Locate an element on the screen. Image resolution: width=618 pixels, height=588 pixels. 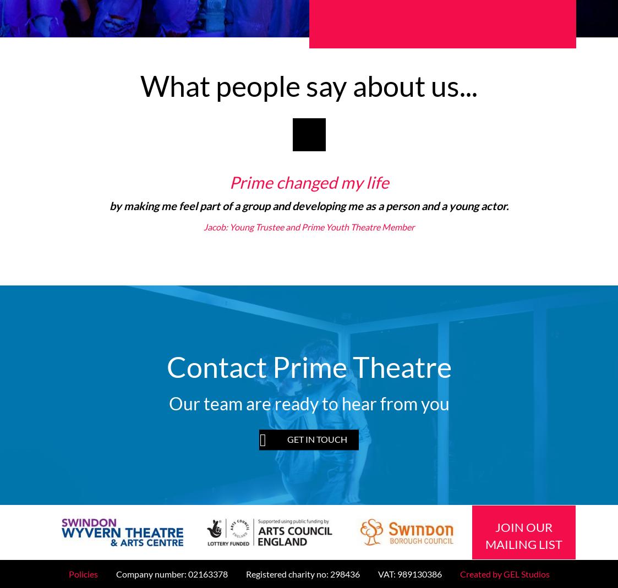
'VAT: 989130386' is located at coordinates (378, 573).